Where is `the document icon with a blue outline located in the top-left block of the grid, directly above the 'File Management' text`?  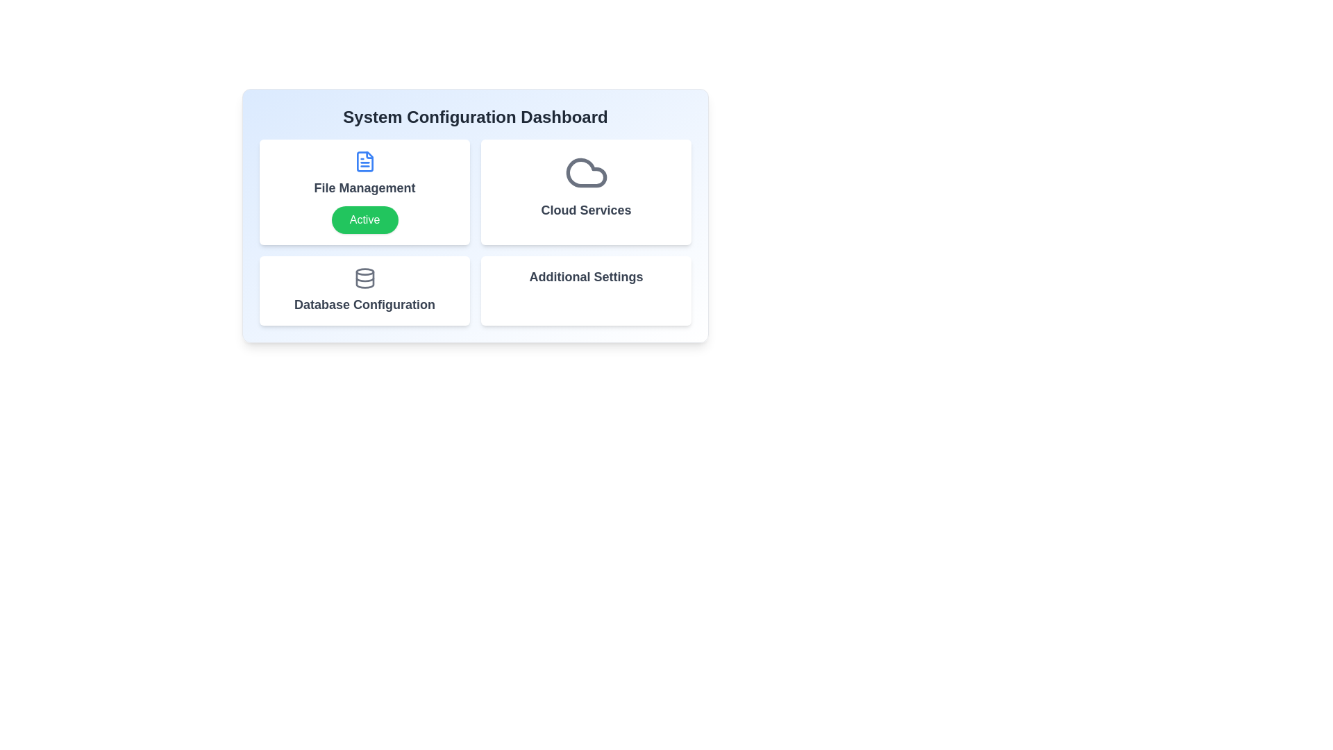
the document icon with a blue outline located in the top-left block of the grid, directly above the 'File Management' text is located at coordinates (364, 160).